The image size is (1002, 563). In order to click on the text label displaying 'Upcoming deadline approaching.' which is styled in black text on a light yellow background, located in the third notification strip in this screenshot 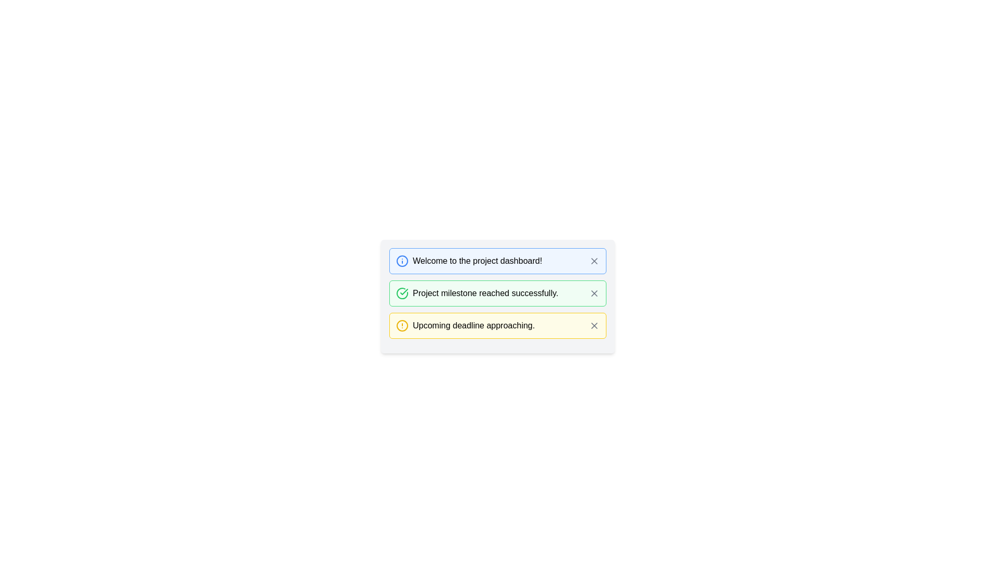, I will do `click(473, 325)`.